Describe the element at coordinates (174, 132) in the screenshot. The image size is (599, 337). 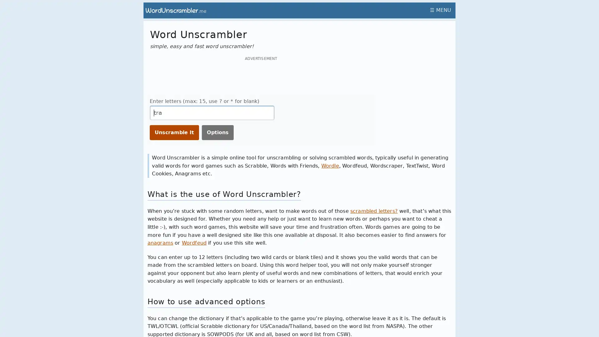
I see `Unscramble It` at that location.